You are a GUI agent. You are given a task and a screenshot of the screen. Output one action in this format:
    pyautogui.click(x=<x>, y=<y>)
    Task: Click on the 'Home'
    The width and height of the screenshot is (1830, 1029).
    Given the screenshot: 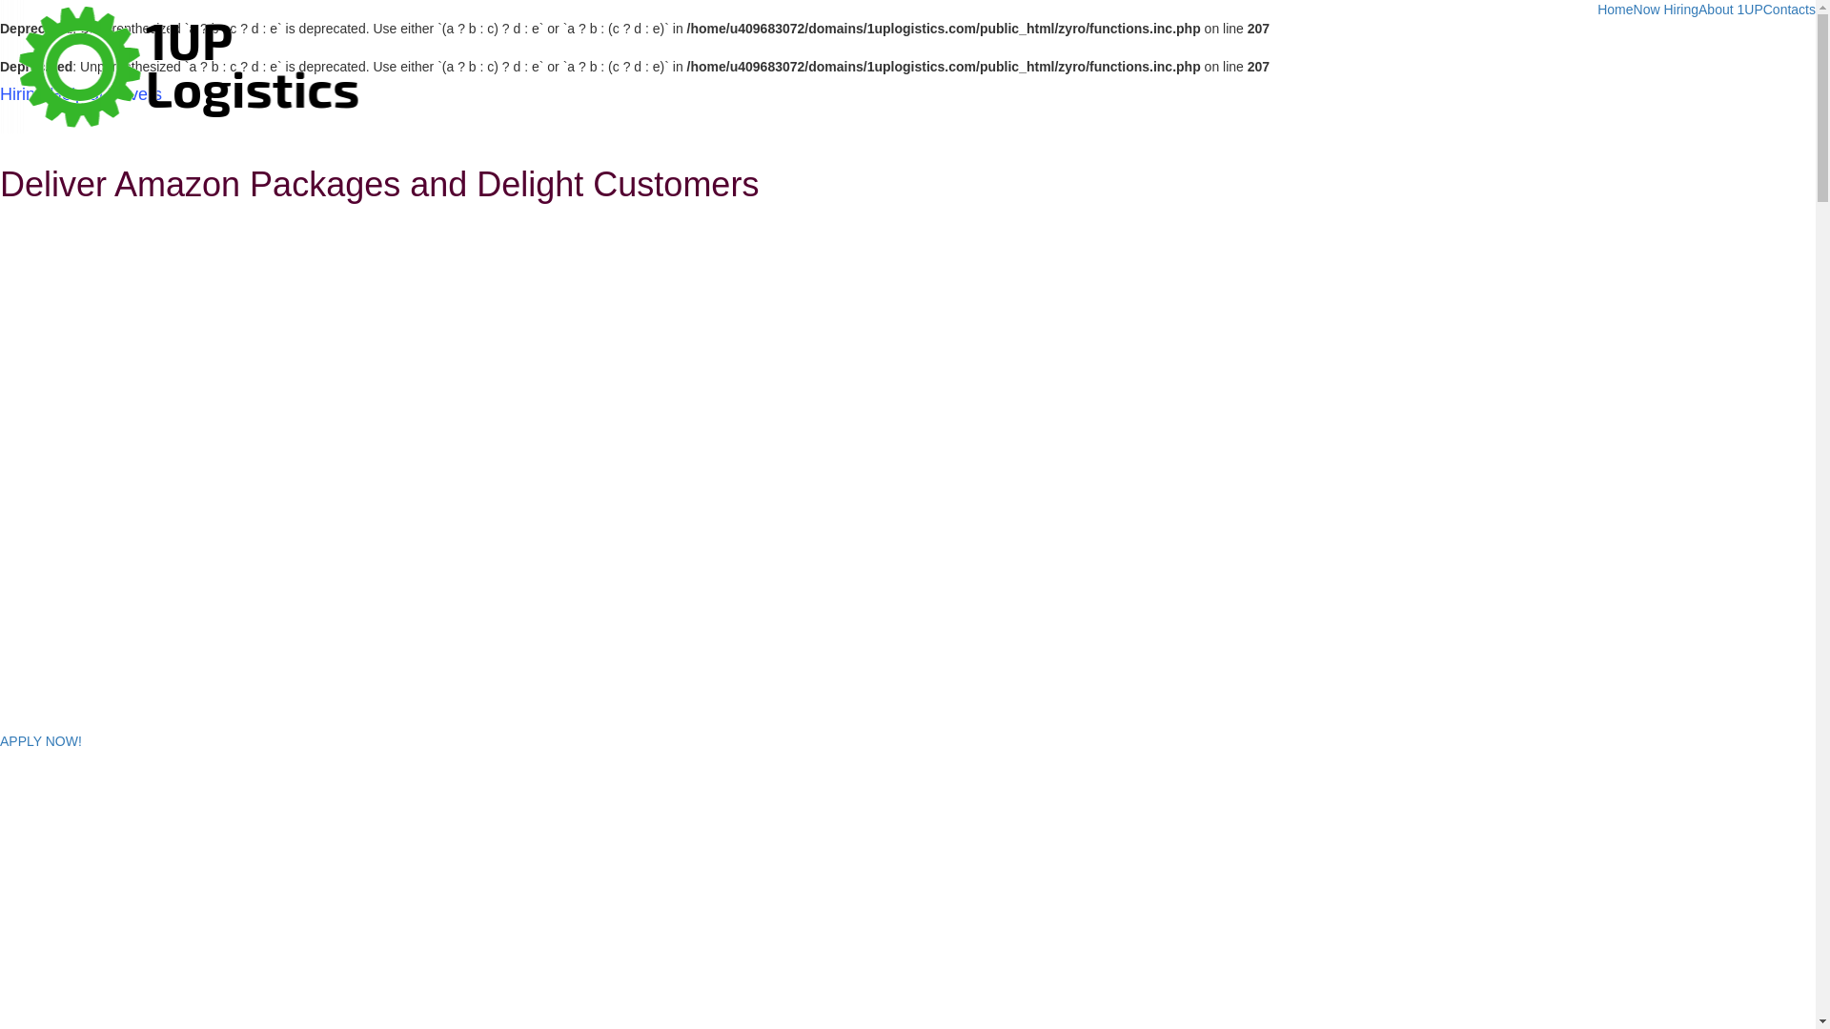 What is the action you would take?
    pyautogui.click(x=1614, y=10)
    